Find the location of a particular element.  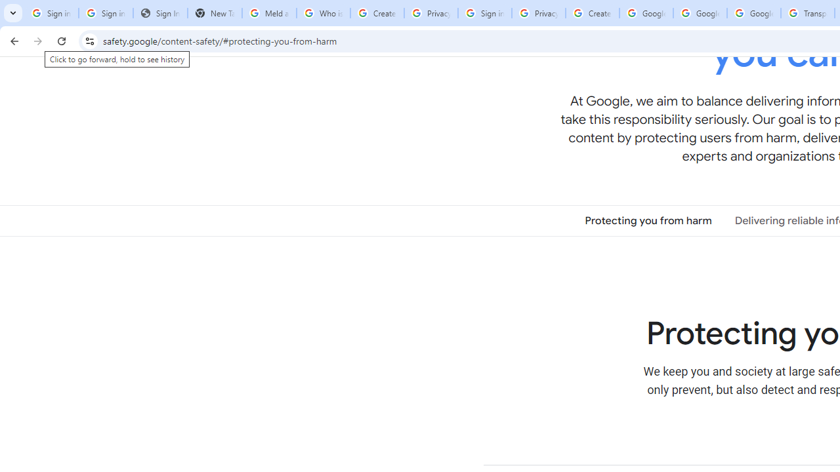

'New Tab' is located at coordinates (215, 13).